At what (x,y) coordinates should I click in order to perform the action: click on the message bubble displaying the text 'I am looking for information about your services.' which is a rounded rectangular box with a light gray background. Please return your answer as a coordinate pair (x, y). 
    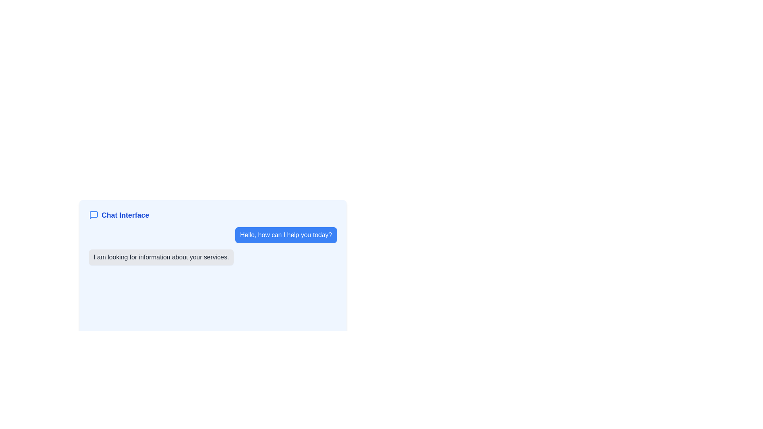
    Looking at the image, I should click on (213, 261).